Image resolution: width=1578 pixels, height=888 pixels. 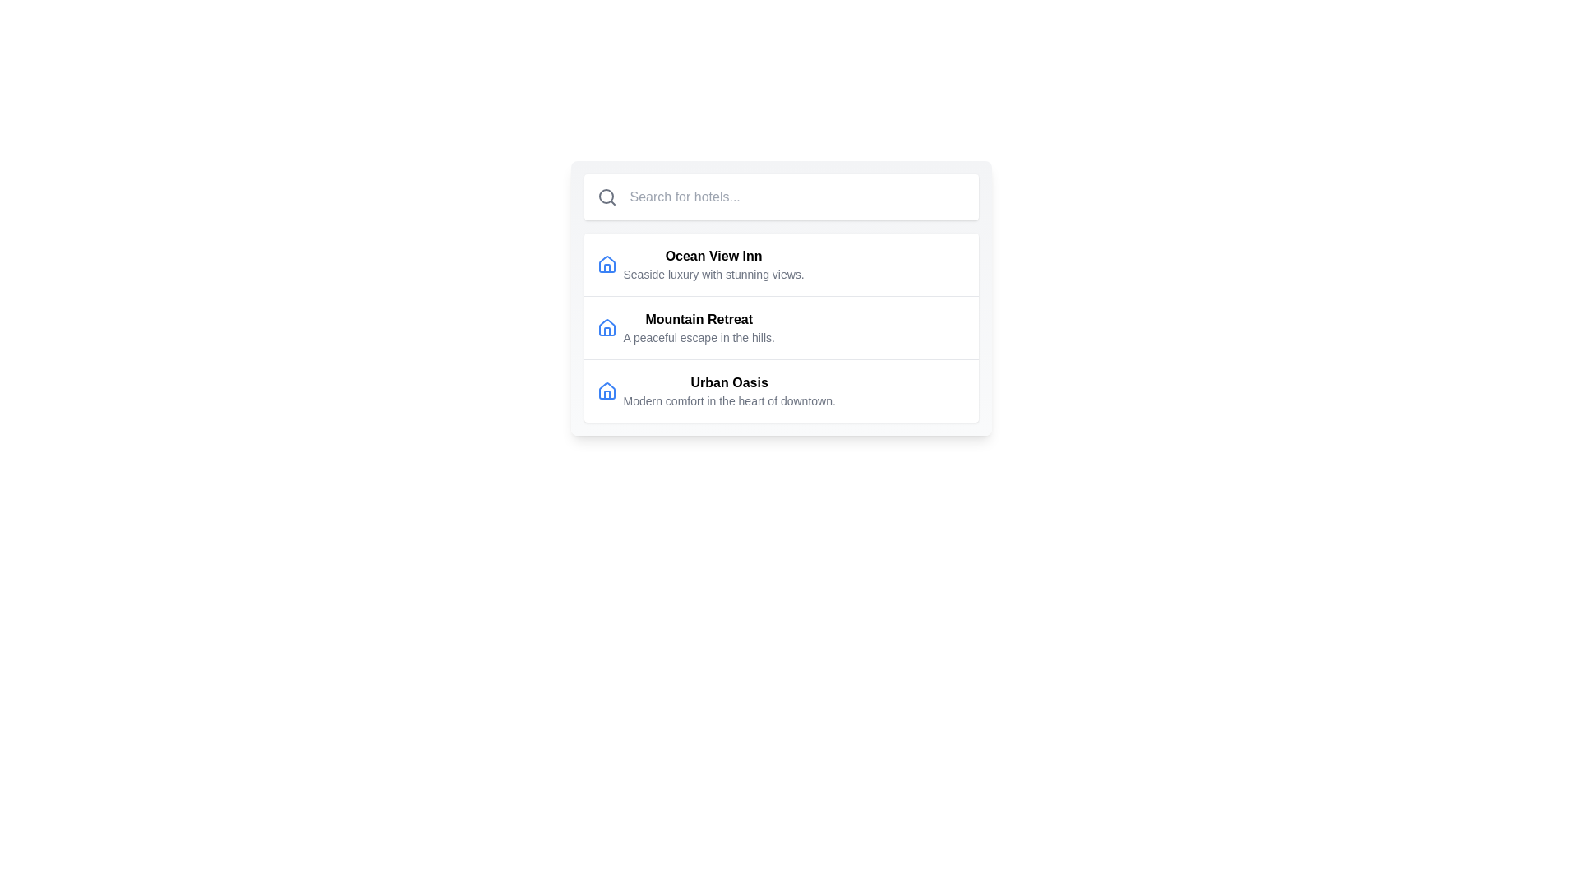 I want to click on the text label displaying 'Ocean View Inn', so click(x=713, y=263).